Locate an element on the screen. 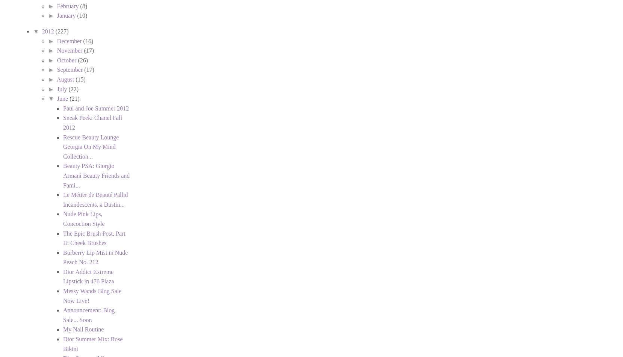 The width and height of the screenshot is (623, 357). '(15)' is located at coordinates (80, 79).